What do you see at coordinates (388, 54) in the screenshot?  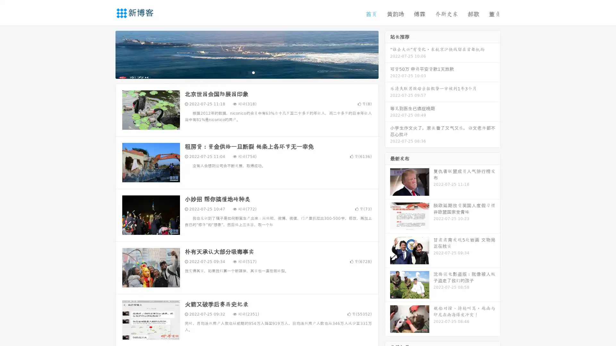 I see `Next slide` at bounding box center [388, 54].